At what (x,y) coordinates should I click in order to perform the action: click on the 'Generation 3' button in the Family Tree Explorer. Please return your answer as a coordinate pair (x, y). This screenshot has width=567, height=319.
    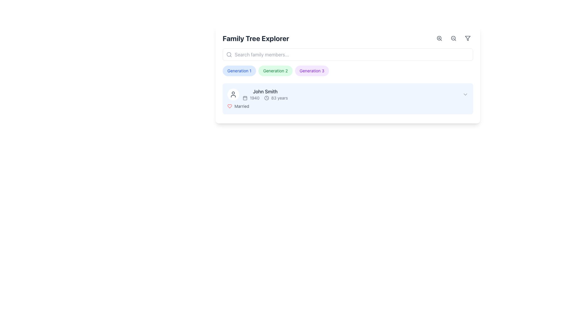
    Looking at the image, I should click on (312, 70).